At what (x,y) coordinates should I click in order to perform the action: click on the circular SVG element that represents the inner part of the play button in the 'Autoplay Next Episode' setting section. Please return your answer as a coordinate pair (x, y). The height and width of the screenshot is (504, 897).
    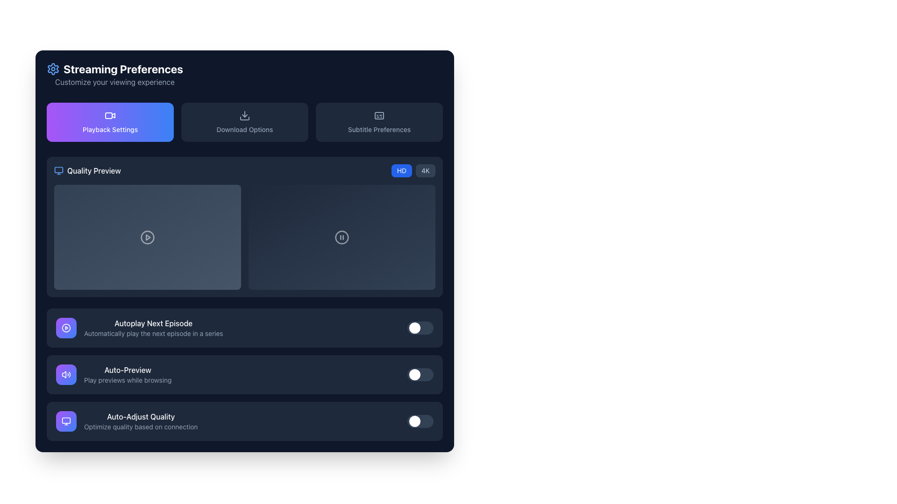
    Looking at the image, I should click on (66, 327).